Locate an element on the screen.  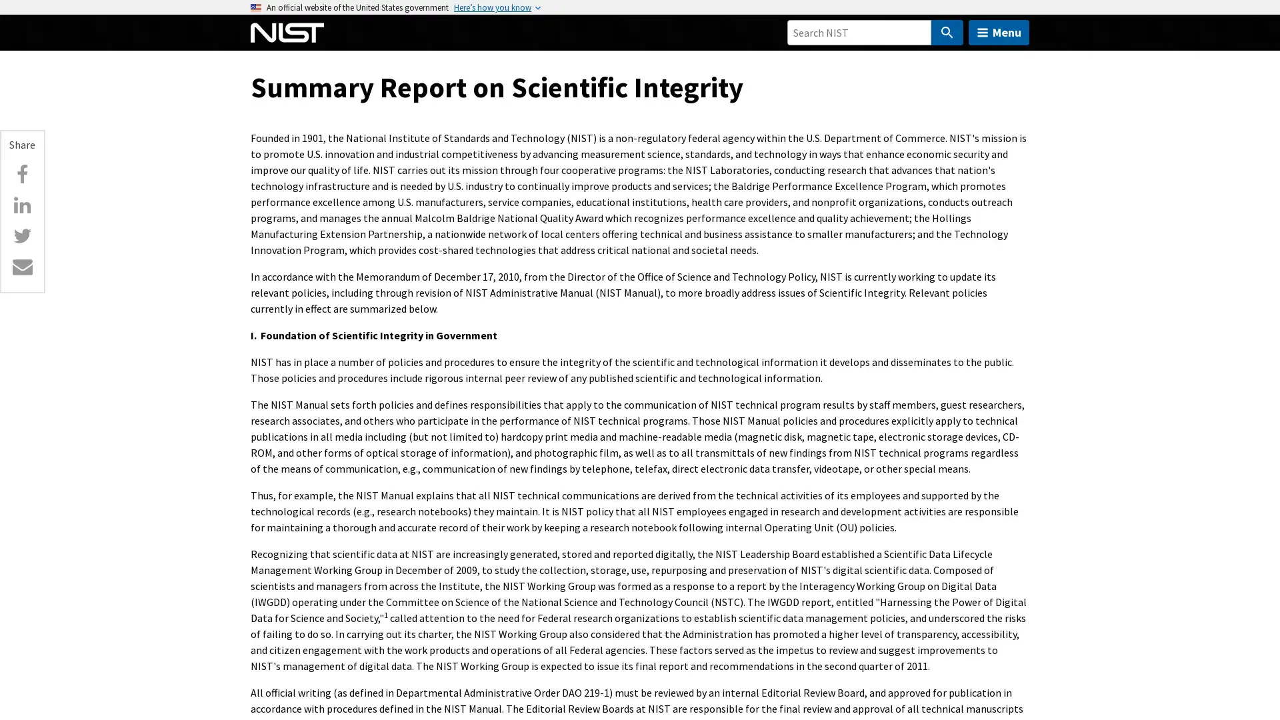
Heres how you know is located at coordinates (492, 7).